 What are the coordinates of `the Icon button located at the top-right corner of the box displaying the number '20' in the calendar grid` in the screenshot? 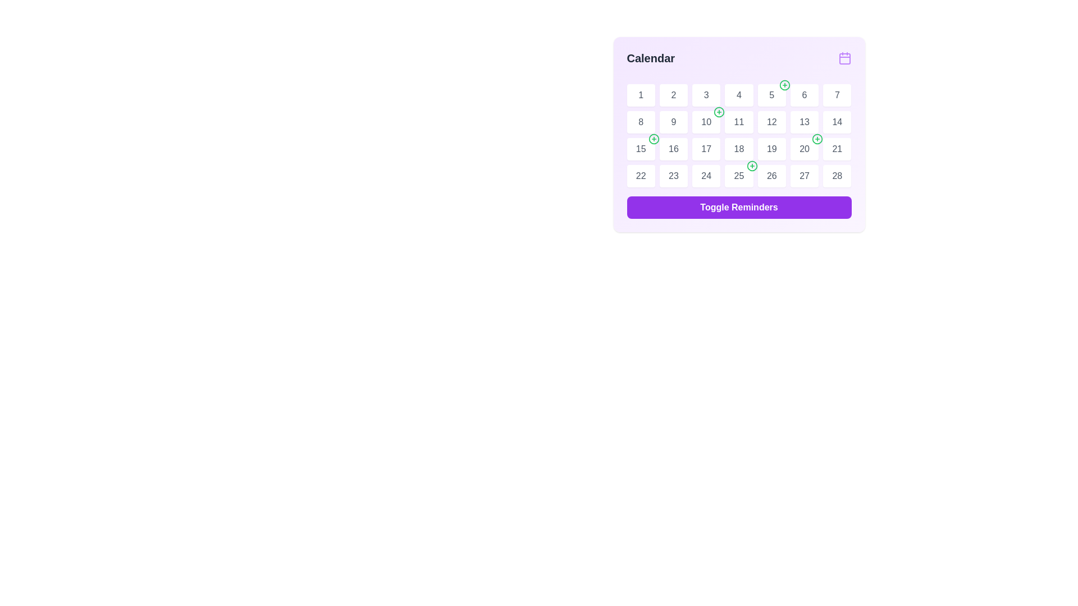 It's located at (817, 138).